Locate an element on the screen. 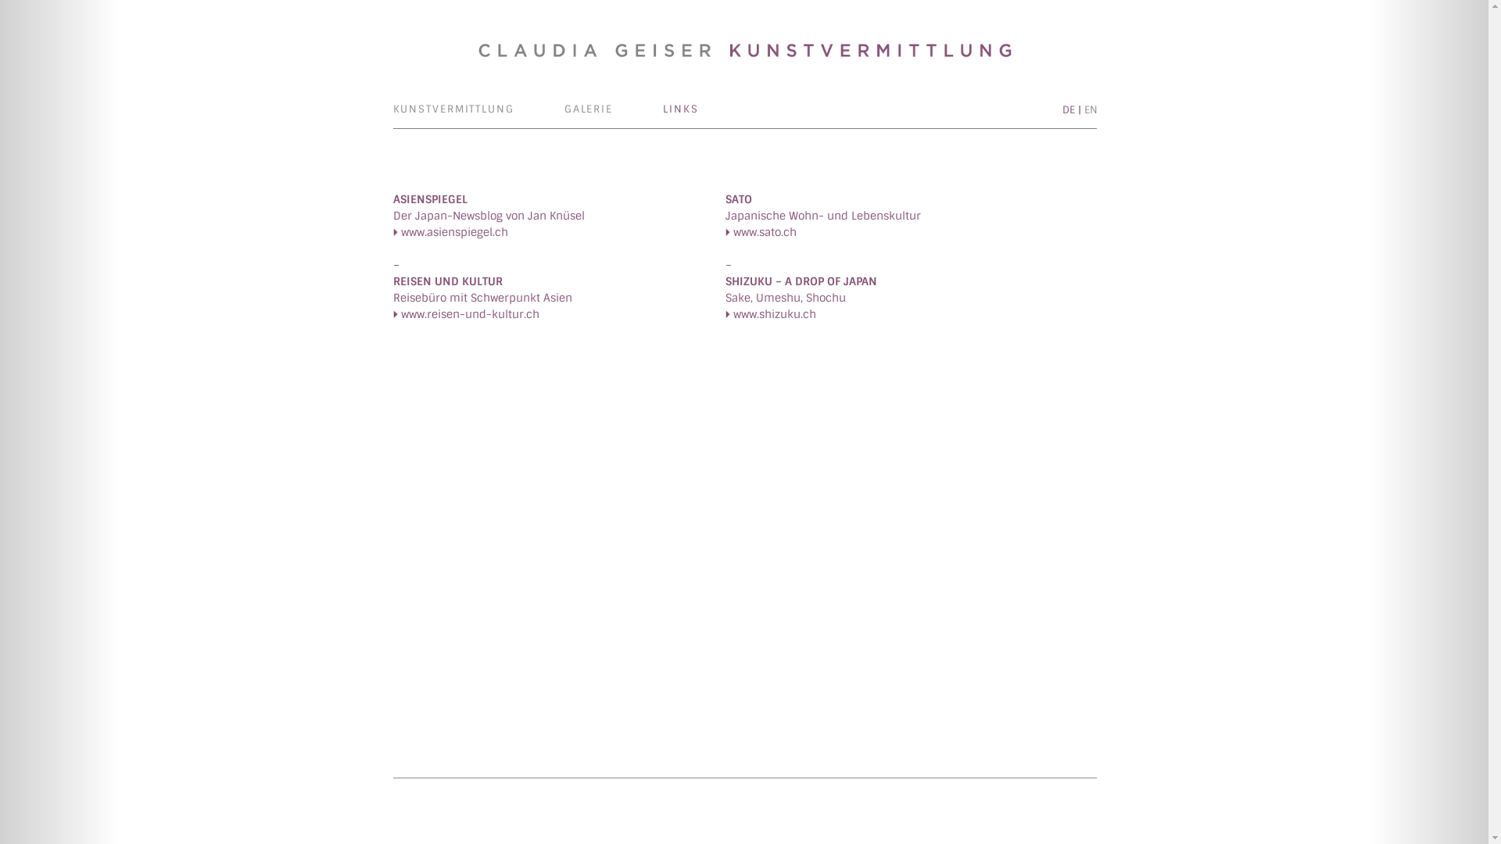 This screenshot has height=844, width=1501. 'LINKS' is located at coordinates (680, 108).